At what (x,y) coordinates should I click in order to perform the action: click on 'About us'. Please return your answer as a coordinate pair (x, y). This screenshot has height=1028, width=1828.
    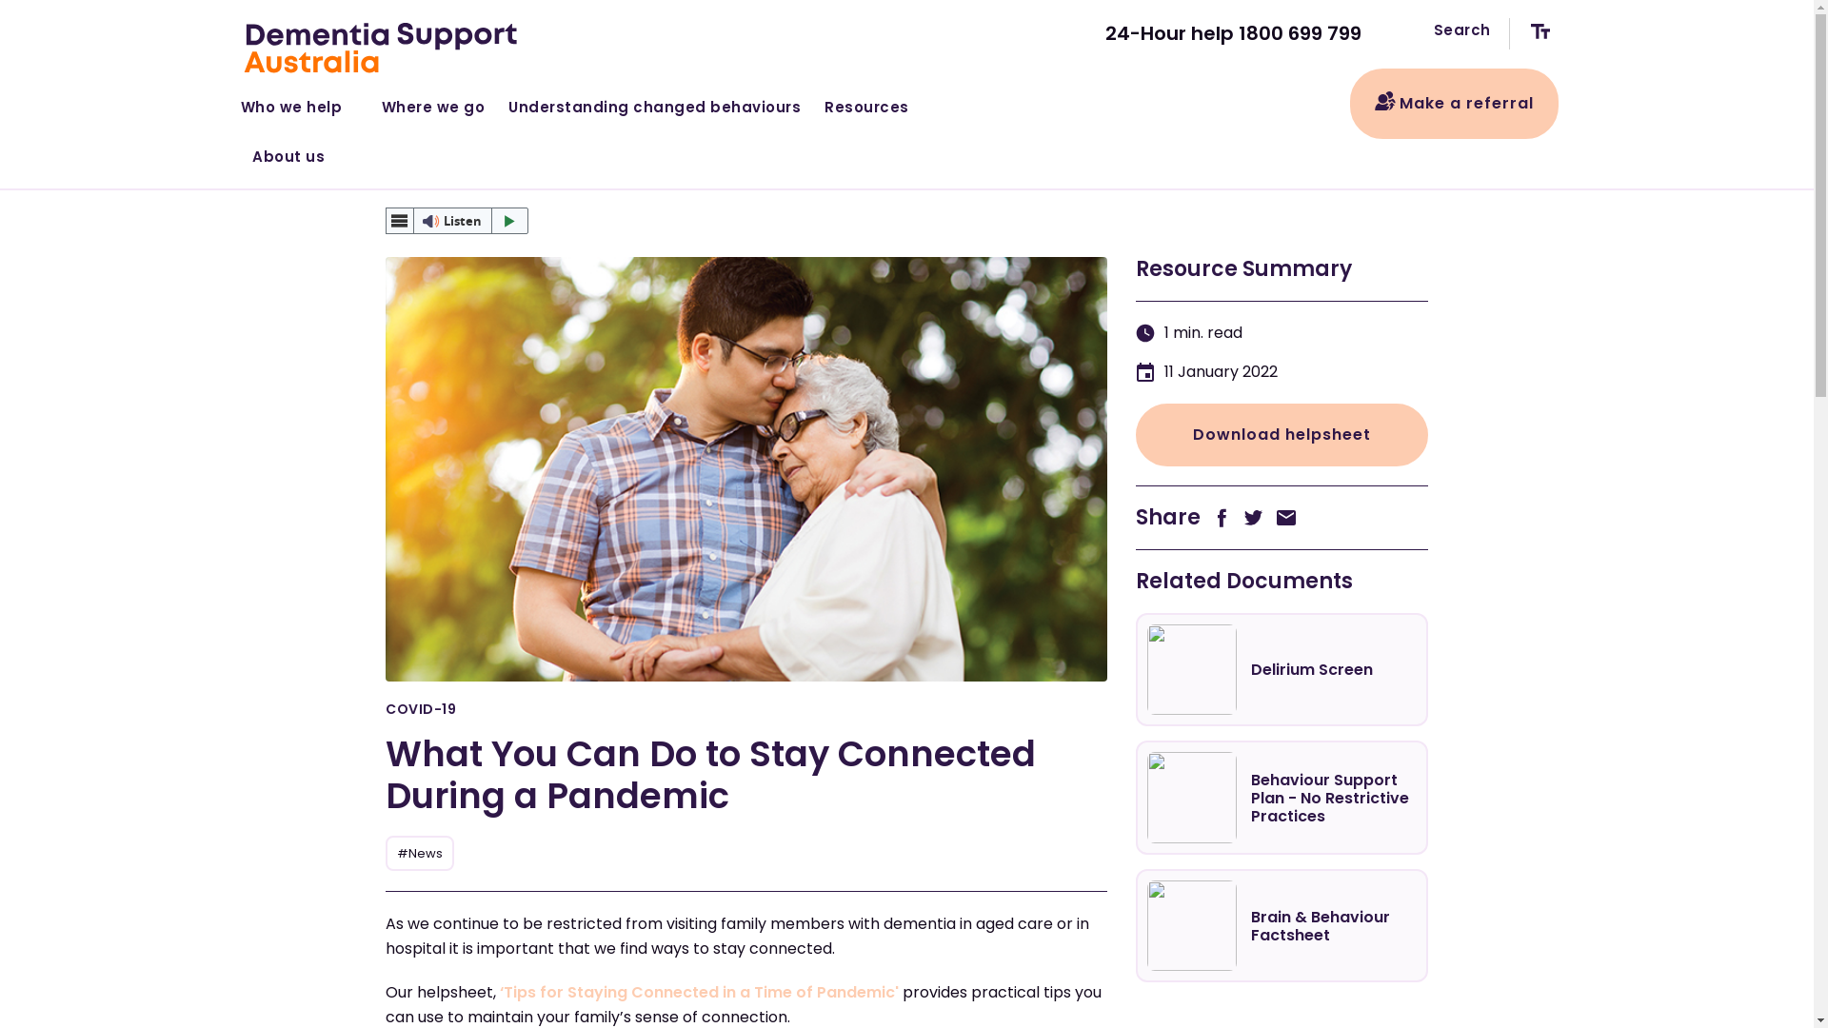
    Looking at the image, I should click on (288, 152).